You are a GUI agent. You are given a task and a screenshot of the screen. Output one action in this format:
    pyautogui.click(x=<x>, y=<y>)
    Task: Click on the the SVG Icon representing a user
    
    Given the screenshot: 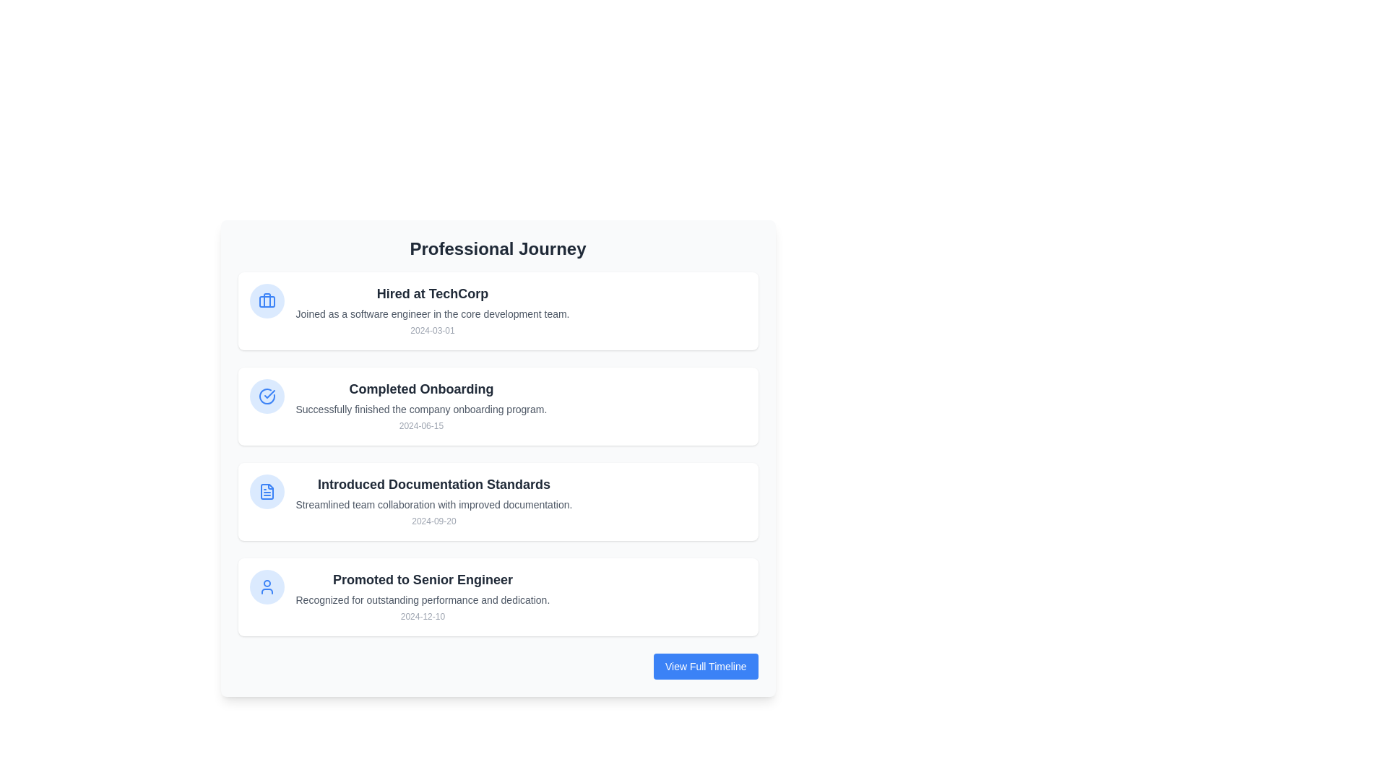 What is the action you would take?
    pyautogui.click(x=267, y=587)
    